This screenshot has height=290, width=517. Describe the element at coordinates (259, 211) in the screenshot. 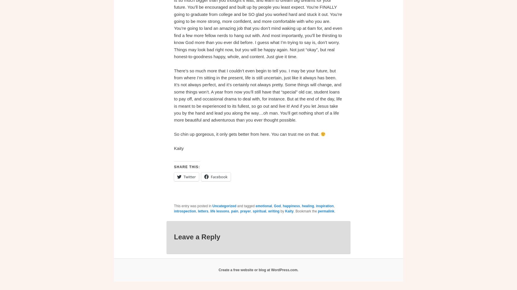

I see `'spiritual'` at that location.